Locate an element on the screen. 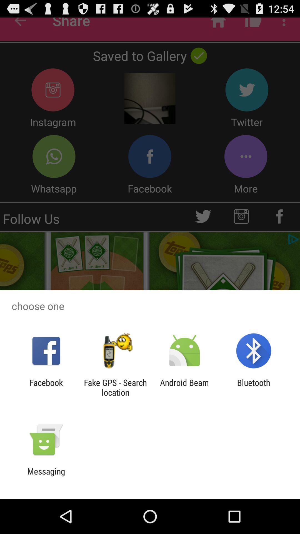  item next to the fake gps search app is located at coordinates (184, 387).